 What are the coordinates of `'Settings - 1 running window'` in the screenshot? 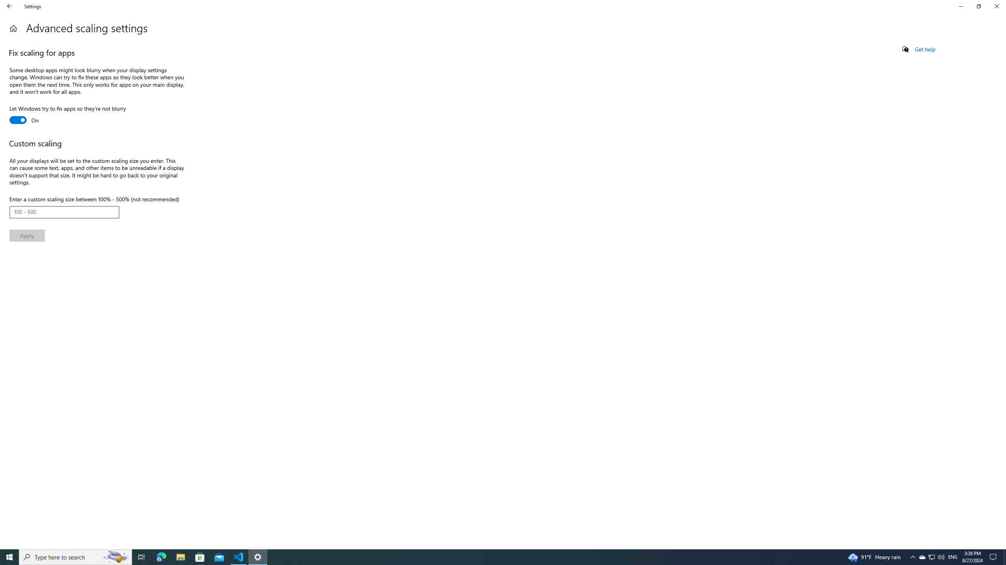 It's located at (258, 556).